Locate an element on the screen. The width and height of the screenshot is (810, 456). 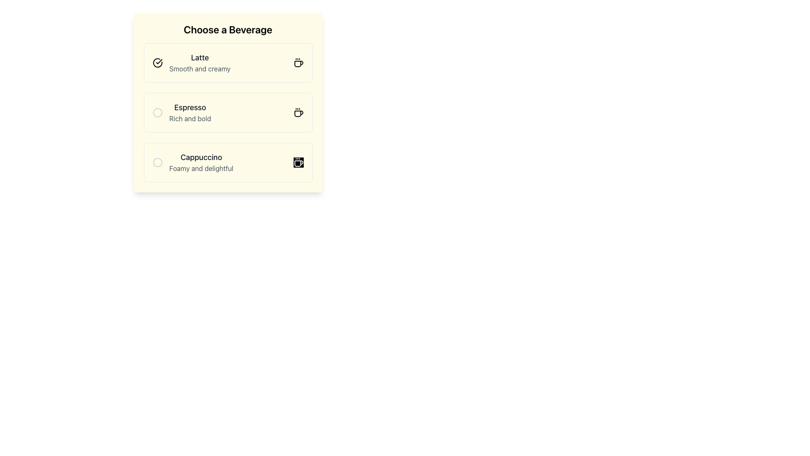
the unselected radio button (circular outline icon styled in gray) located in the left section of the 'Cappuccino' option block within the beverage selection interface is located at coordinates (157, 163).